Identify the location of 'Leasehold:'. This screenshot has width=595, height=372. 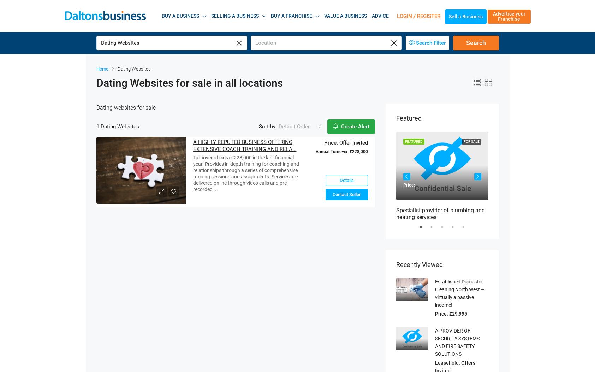
(447, 353).